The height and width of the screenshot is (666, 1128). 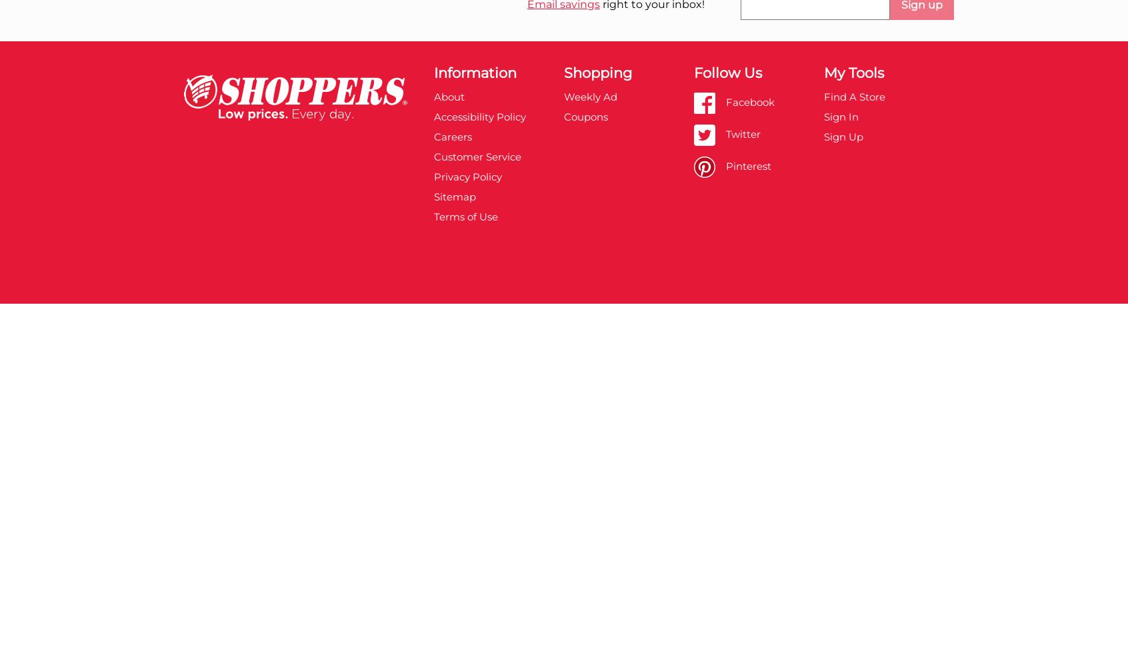 I want to click on 'Sitemap', so click(x=454, y=196).